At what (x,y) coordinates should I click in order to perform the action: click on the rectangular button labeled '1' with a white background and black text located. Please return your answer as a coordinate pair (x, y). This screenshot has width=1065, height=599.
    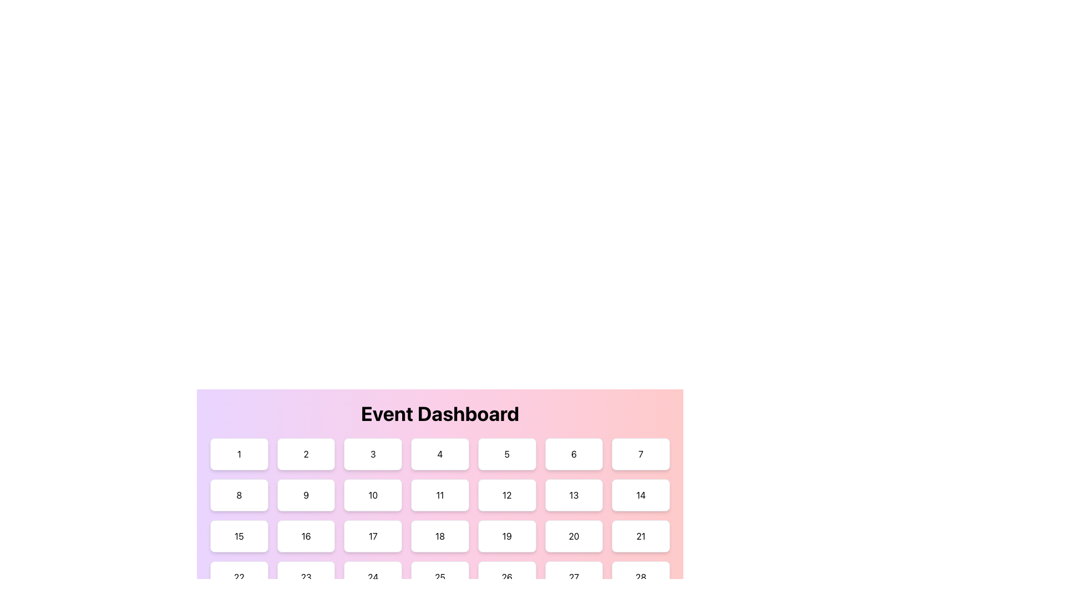
    Looking at the image, I should click on (239, 454).